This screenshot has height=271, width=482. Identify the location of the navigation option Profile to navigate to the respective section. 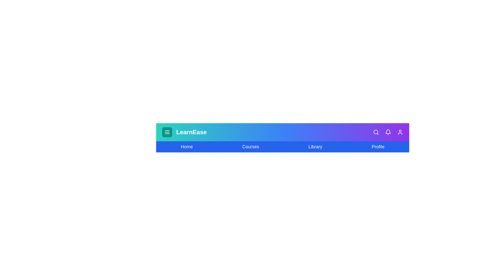
(378, 147).